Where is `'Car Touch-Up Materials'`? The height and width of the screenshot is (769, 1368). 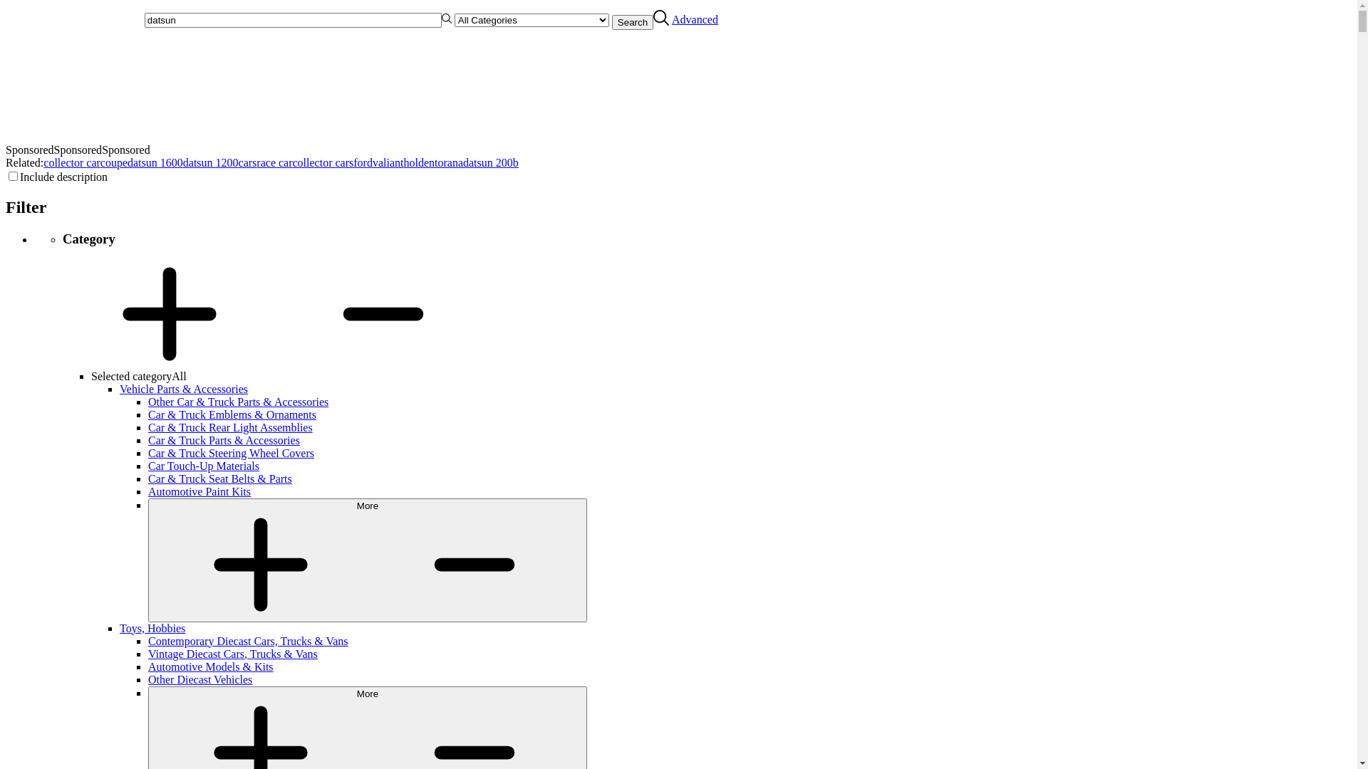 'Car Touch-Up Materials' is located at coordinates (203, 466).